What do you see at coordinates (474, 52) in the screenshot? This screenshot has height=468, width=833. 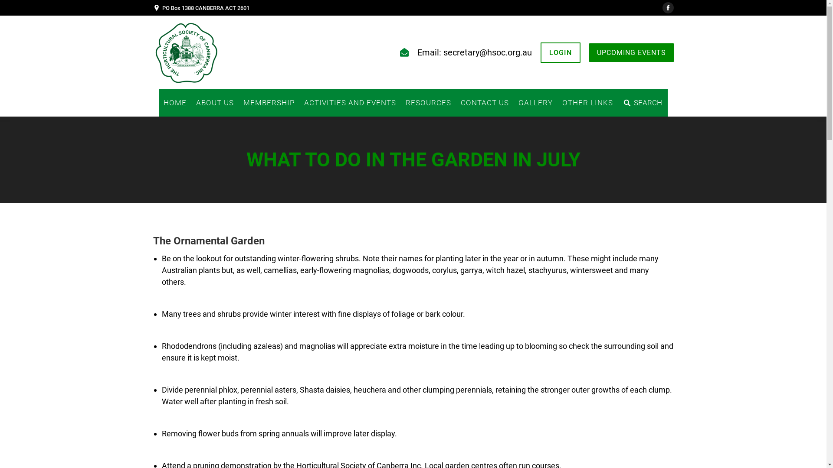 I see `'Email: secretary@hsoc.org.au'` at bounding box center [474, 52].